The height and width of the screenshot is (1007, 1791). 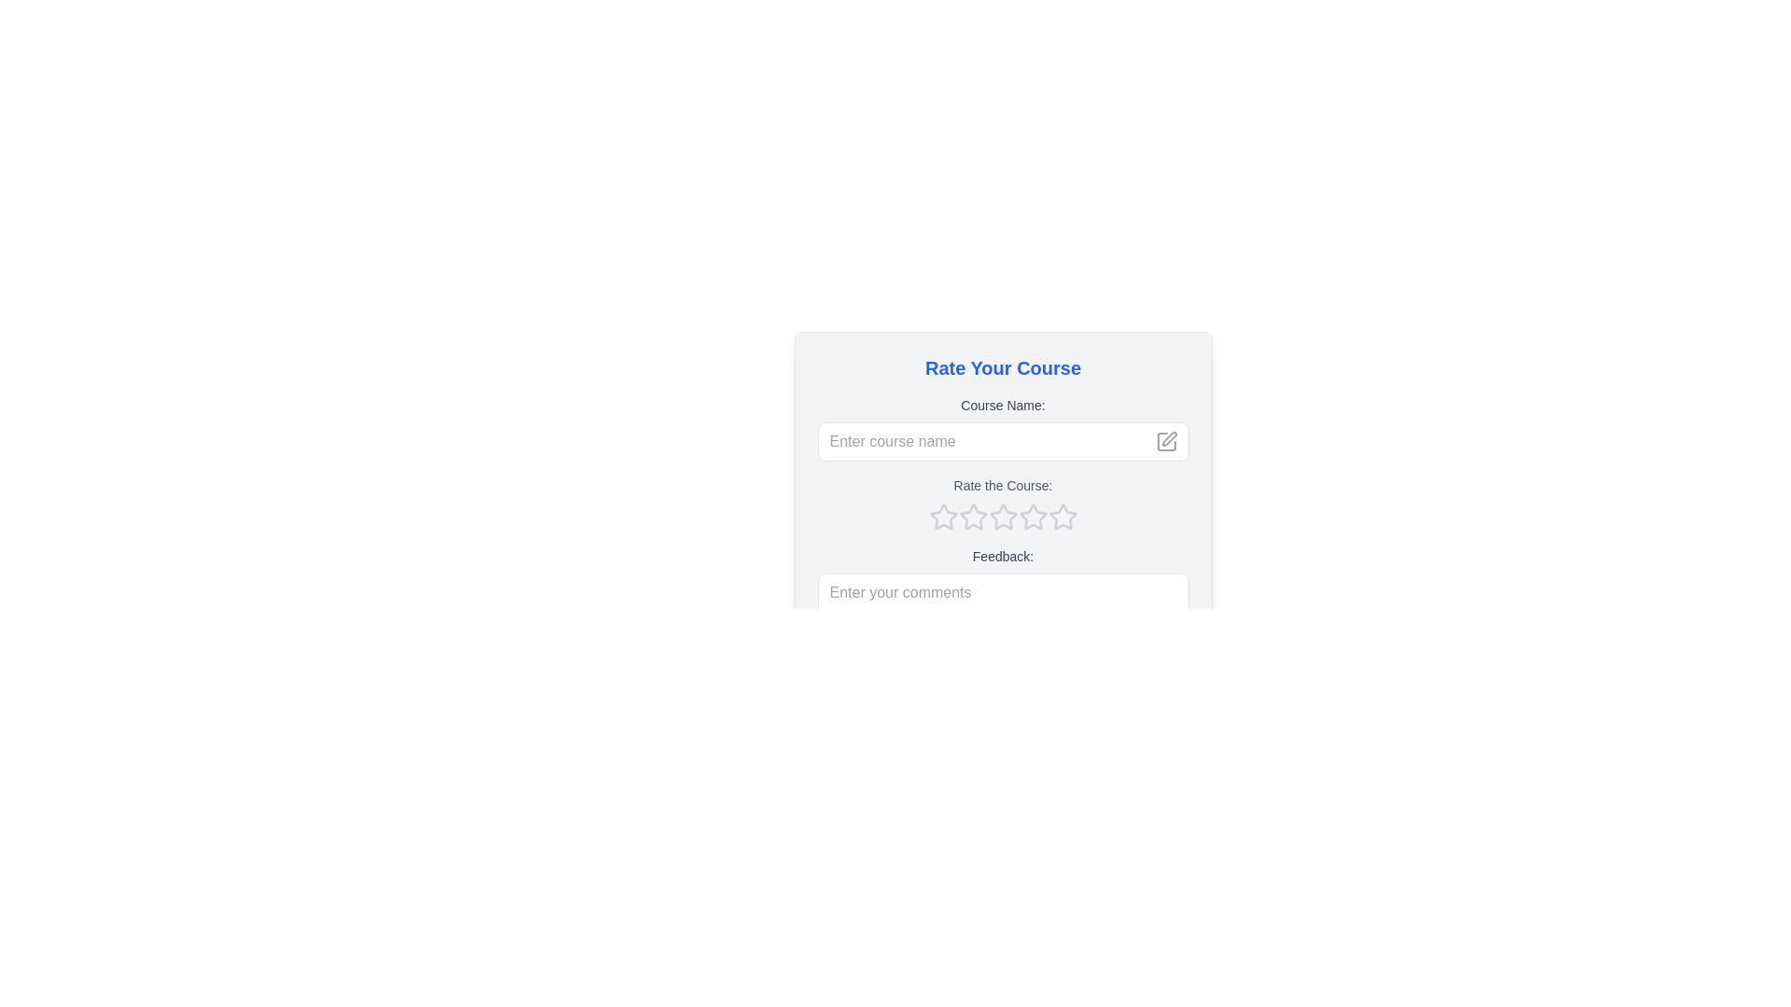 What do you see at coordinates (1002, 556) in the screenshot?
I see `the text label that contains 'Feedback:' which is located below 'Rate the Course:' and above the input area labeled 'Enter your comments'` at bounding box center [1002, 556].